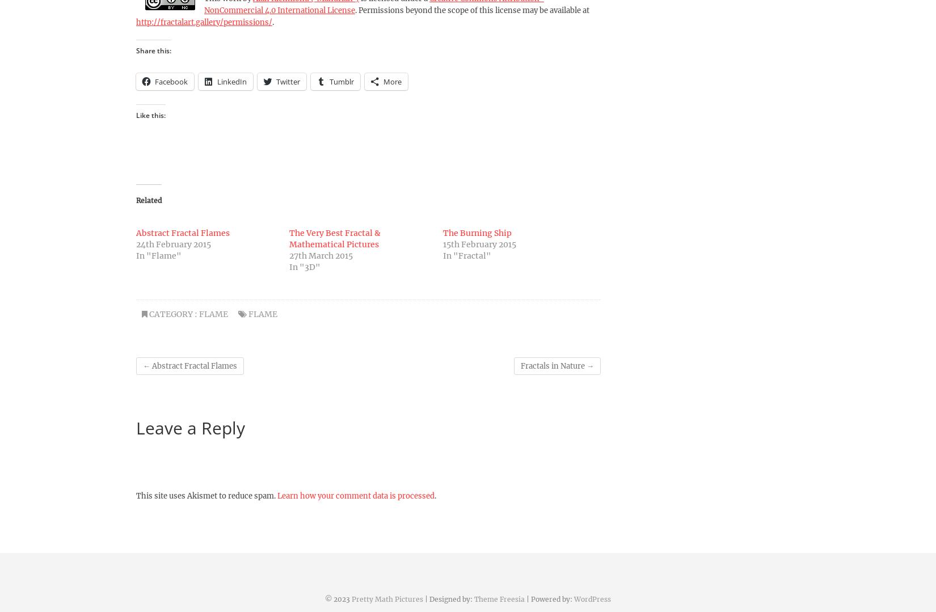 This screenshot has height=612, width=936. Describe the element at coordinates (288, 81) in the screenshot. I see `'Twitter'` at that location.